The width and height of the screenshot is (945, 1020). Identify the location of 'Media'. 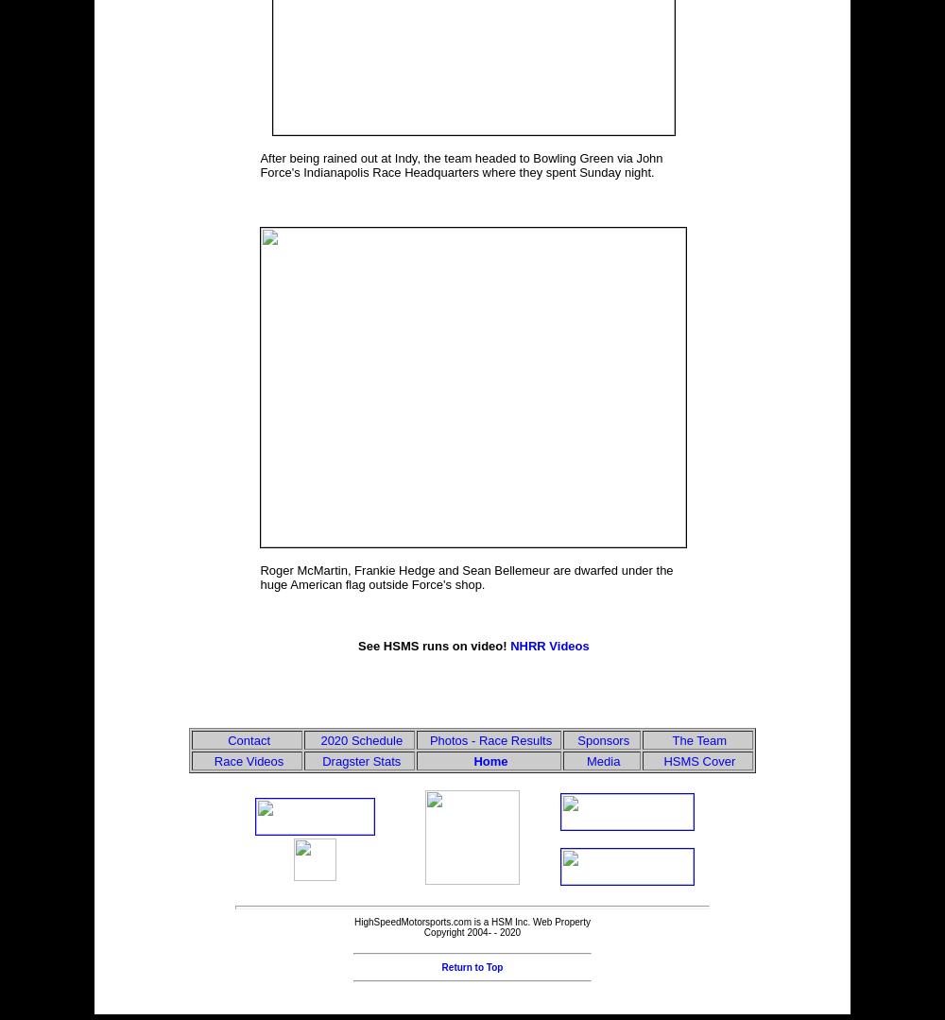
(603, 760).